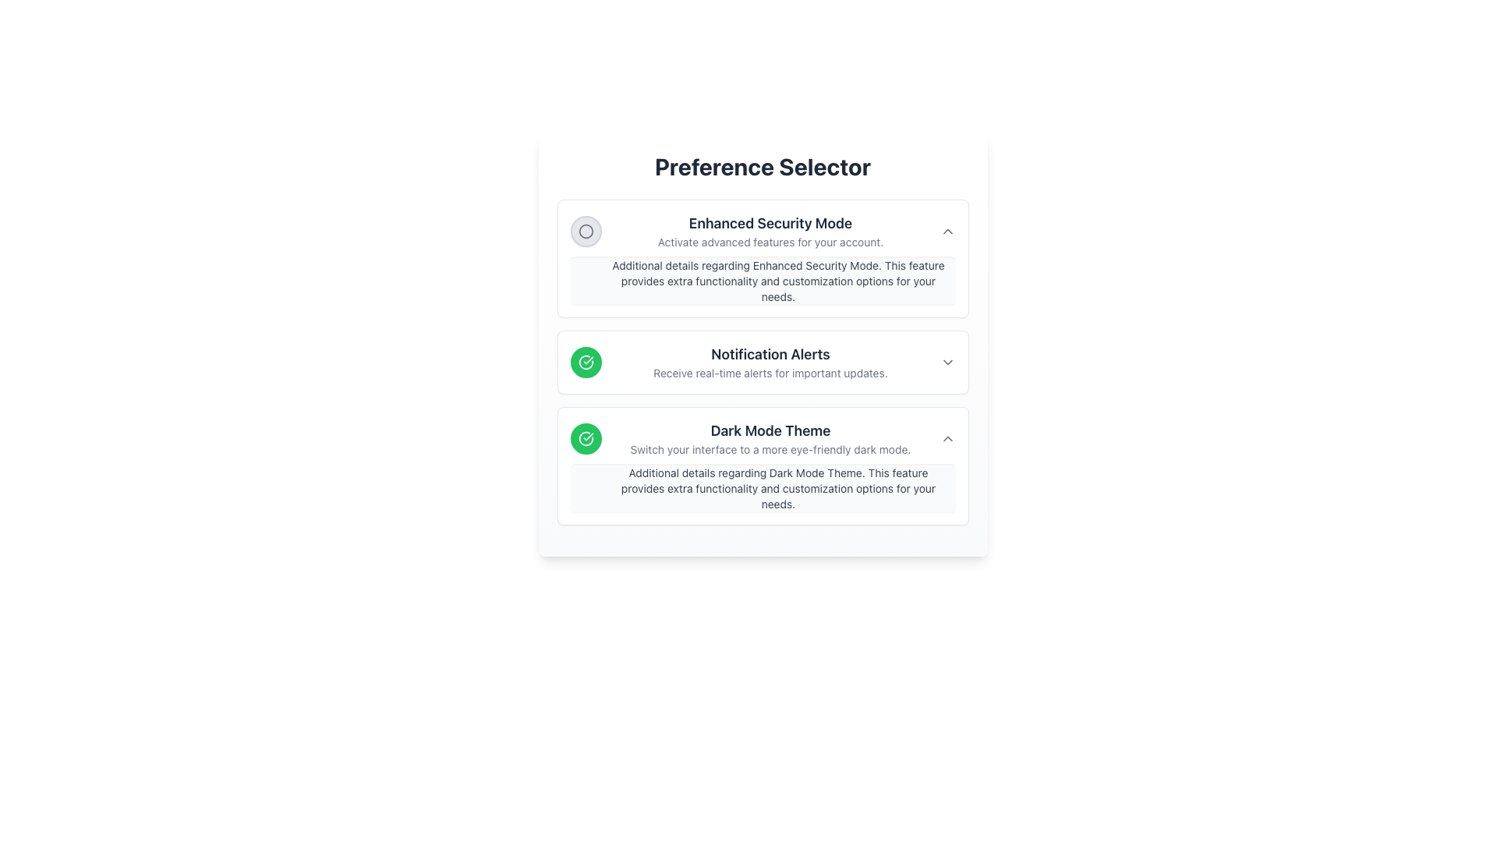  I want to click on the second selectable option panel titled 'Notification Alerts' with a green circular icon and description, so click(763, 363).